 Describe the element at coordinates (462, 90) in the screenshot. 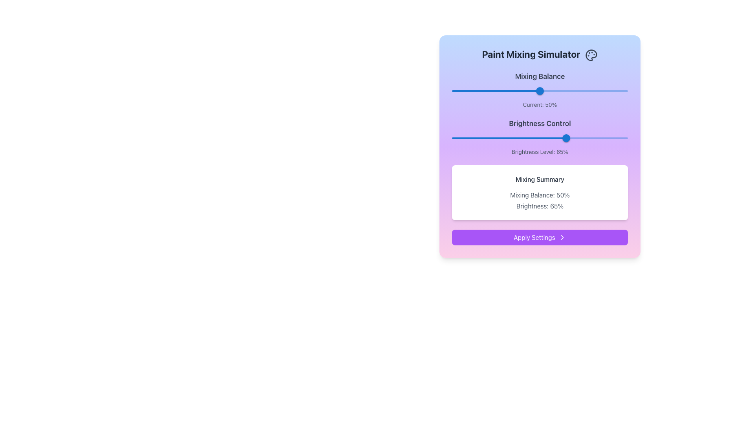

I see `the mixing balance` at that location.